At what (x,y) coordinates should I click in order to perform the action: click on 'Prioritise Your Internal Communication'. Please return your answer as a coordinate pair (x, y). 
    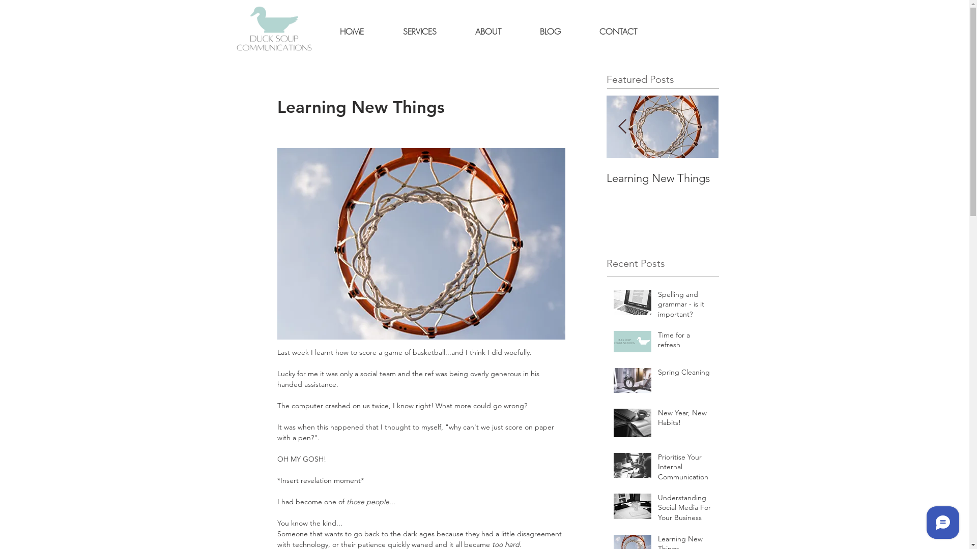
    Looking at the image, I should click on (439, 185).